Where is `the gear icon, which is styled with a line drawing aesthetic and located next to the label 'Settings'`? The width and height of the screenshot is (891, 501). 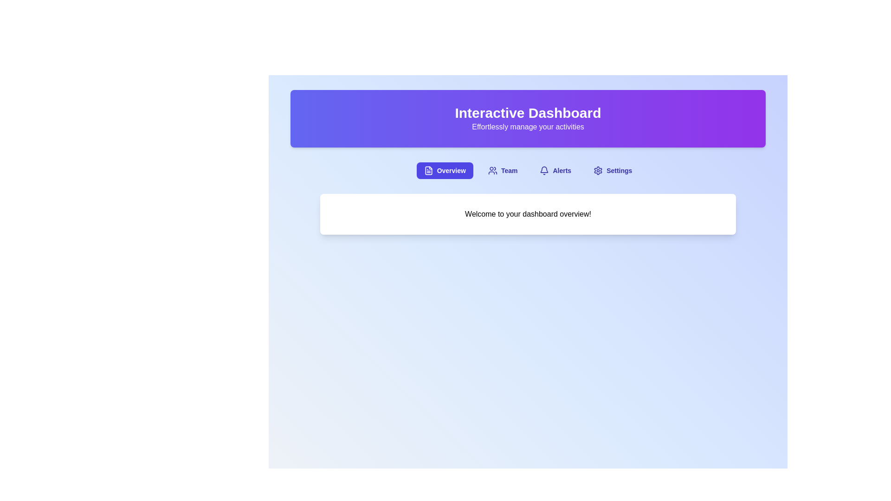
the gear icon, which is styled with a line drawing aesthetic and located next to the label 'Settings' is located at coordinates (598, 170).